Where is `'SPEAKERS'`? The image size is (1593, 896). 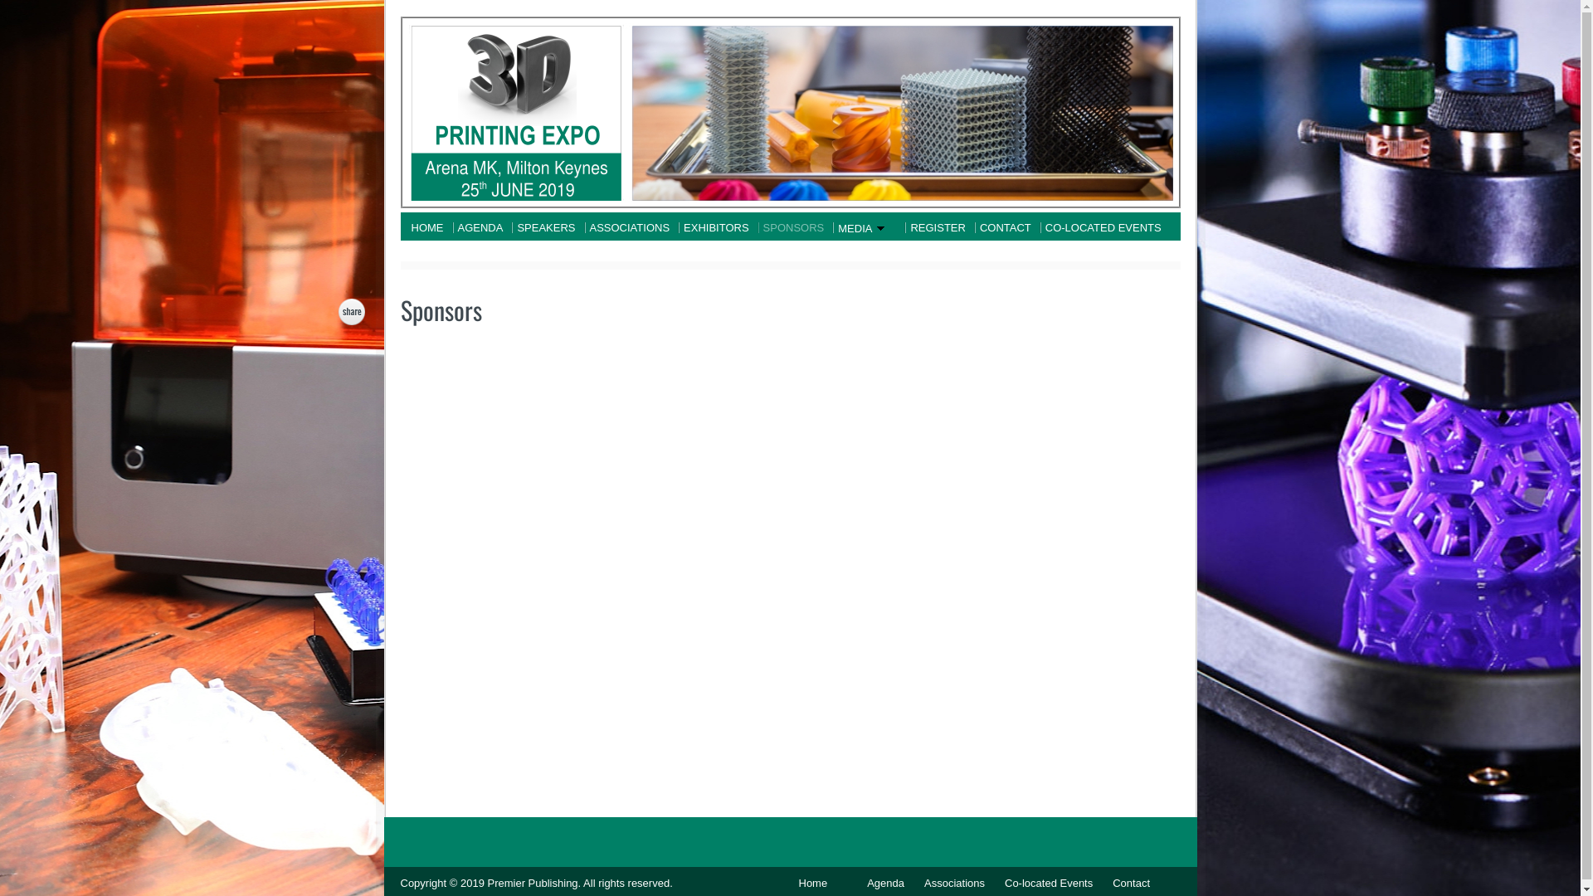 'SPEAKERS' is located at coordinates (545, 227).